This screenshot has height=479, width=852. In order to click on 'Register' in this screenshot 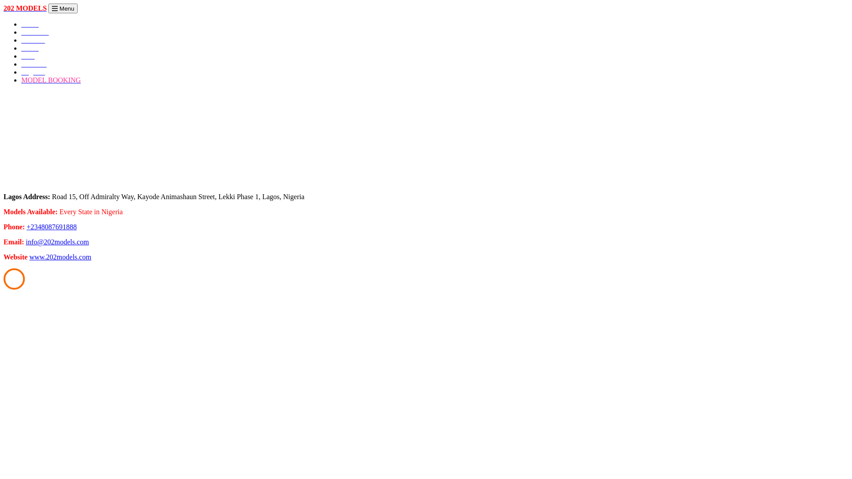, I will do `click(21, 71)`.